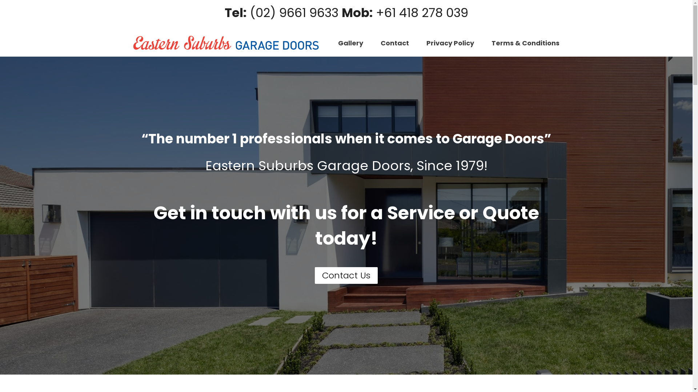  What do you see at coordinates (350, 43) in the screenshot?
I see `'Gallery'` at bounding box center [350, 43].